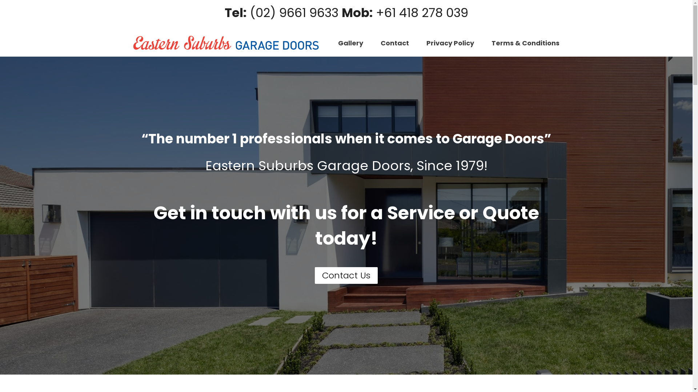  What do you see at coordinates (350, 43) in the screenshot?
I see `'Gallery'` at bounding box center [350, 43].